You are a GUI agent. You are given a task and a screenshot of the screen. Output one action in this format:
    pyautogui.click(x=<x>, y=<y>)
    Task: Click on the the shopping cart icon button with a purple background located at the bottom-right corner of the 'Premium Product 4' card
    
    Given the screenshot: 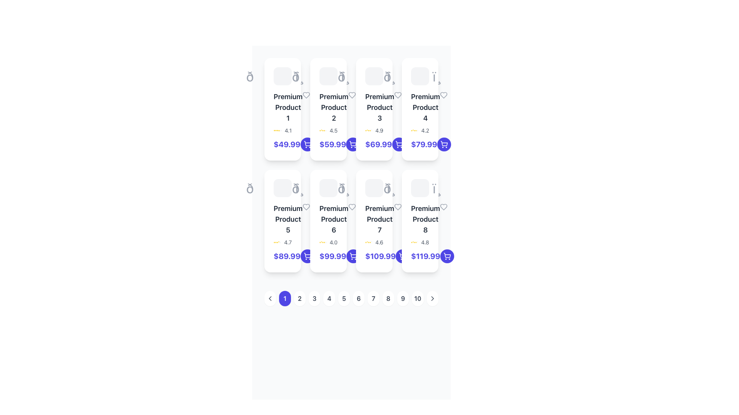 What is the action you would take?
    pyautogui.click(x=444, y=144)
    